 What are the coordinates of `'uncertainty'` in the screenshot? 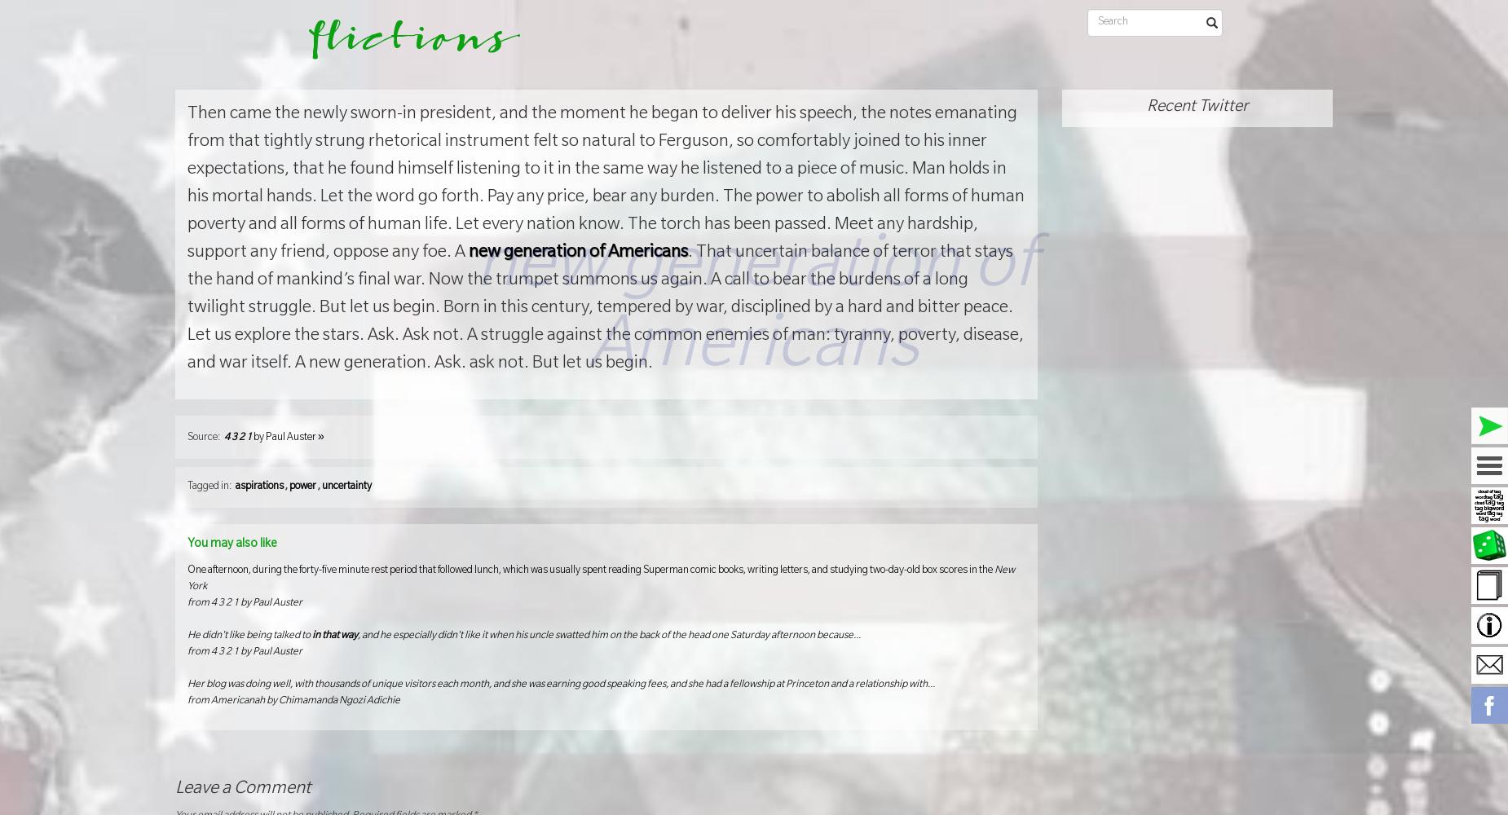 It's located at (320, 486).